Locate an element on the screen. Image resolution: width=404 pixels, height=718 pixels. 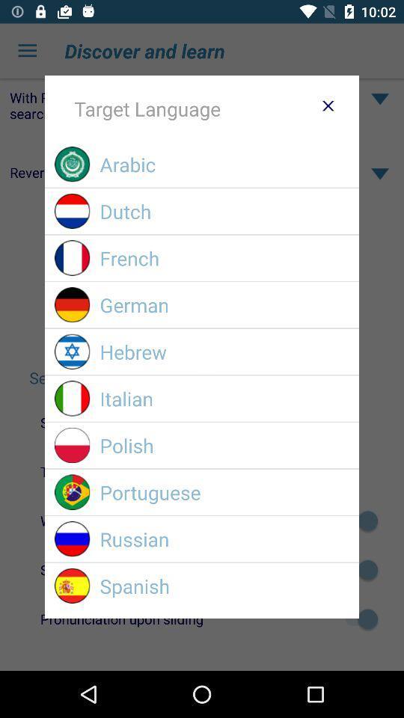
the dutch is located at coordinates (224, 210).